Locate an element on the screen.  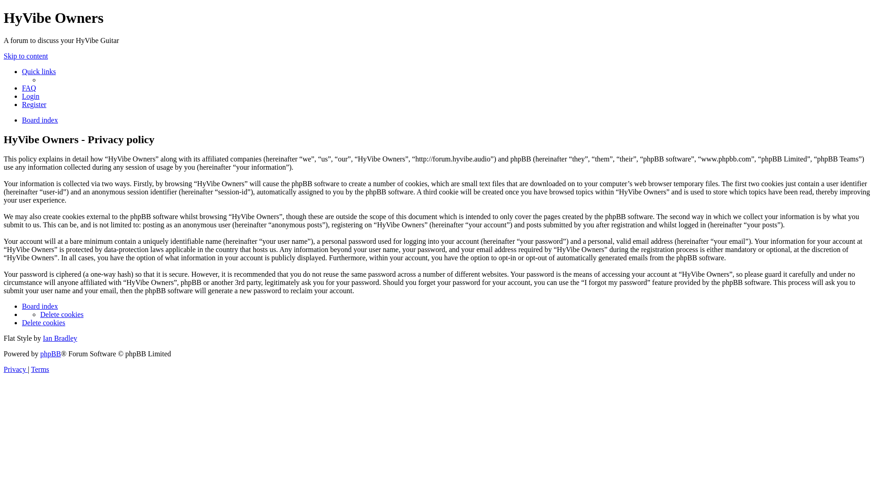
'phpBB' is located at coordinates (50, 353).